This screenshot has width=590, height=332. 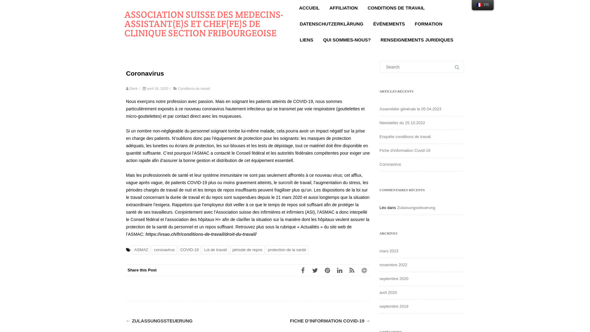 What do you see at coordinates (421, 67) in the screenshot?
I see `'Search for:'` at bounding box center [421, 67].